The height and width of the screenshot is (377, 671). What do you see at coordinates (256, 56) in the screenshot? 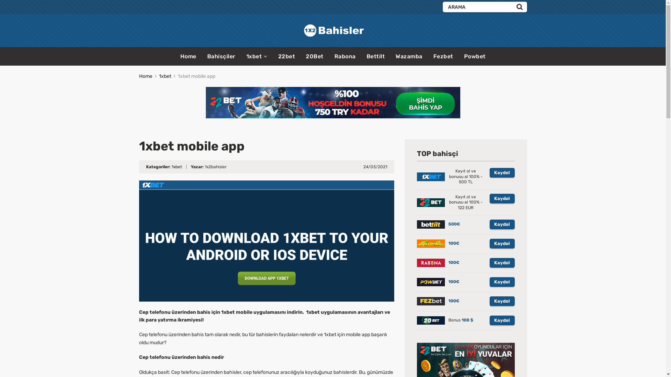
I see `'1xbet'` at bounding box center [256, 56].